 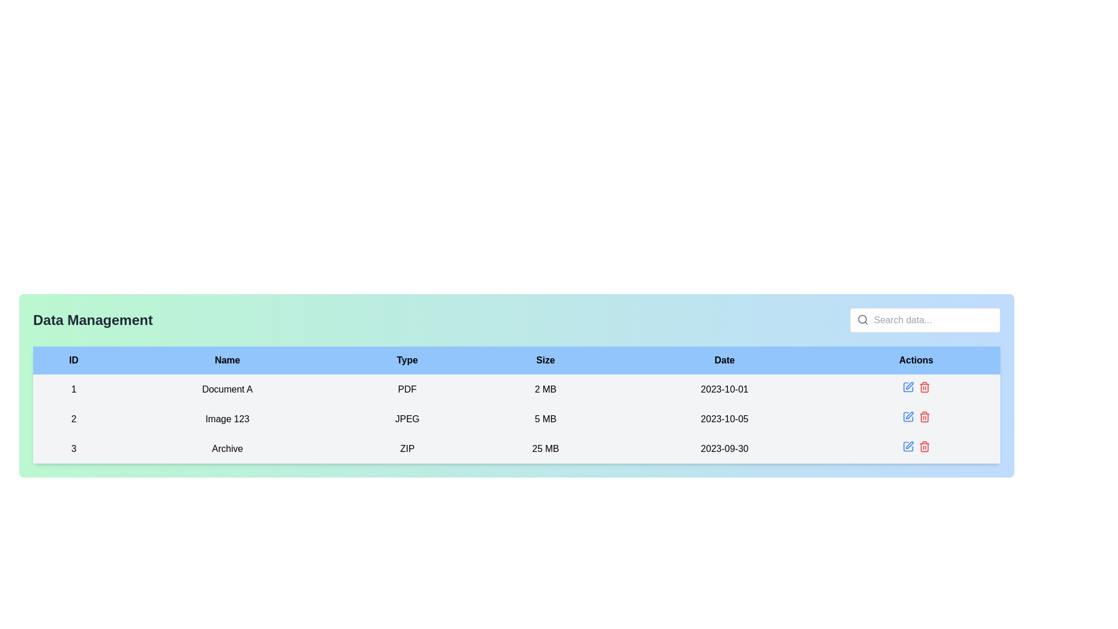 What do you see at coordinates (227, 389) in the screenshot?
I see `the text label displaying 'Document A' which is located in the 'Name' column of the first row in the table` at bounding box center [227, 389].